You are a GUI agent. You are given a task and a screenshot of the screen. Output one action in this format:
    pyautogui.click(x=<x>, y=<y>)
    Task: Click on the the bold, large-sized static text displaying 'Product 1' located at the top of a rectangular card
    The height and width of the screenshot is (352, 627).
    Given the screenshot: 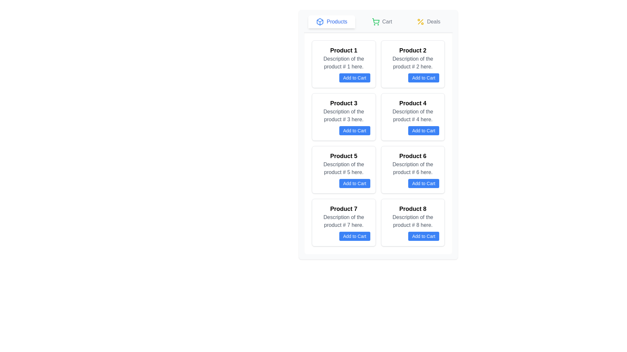 What is the action you would take?
    pyautogui.click(x=343, y=50)
    